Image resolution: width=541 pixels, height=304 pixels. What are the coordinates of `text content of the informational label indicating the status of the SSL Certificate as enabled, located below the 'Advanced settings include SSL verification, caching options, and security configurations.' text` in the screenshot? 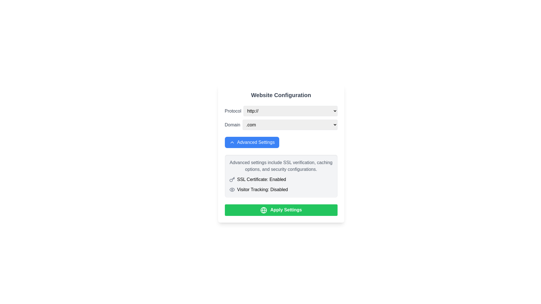 It's located at (261, 179).